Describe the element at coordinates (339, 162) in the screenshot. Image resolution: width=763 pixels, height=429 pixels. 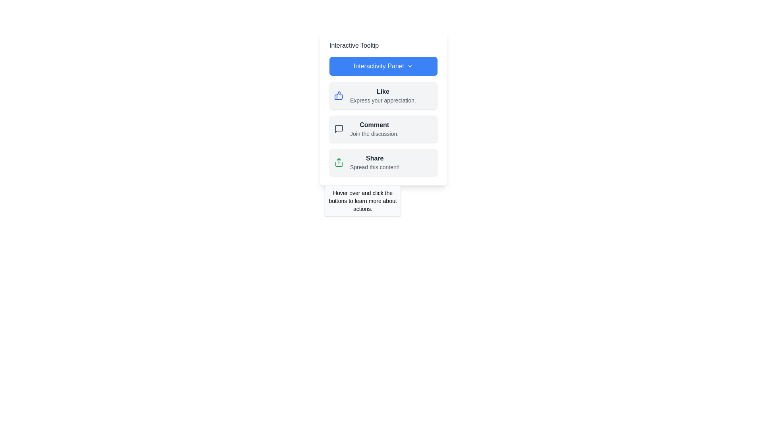
I see `the share icon located` at that location.